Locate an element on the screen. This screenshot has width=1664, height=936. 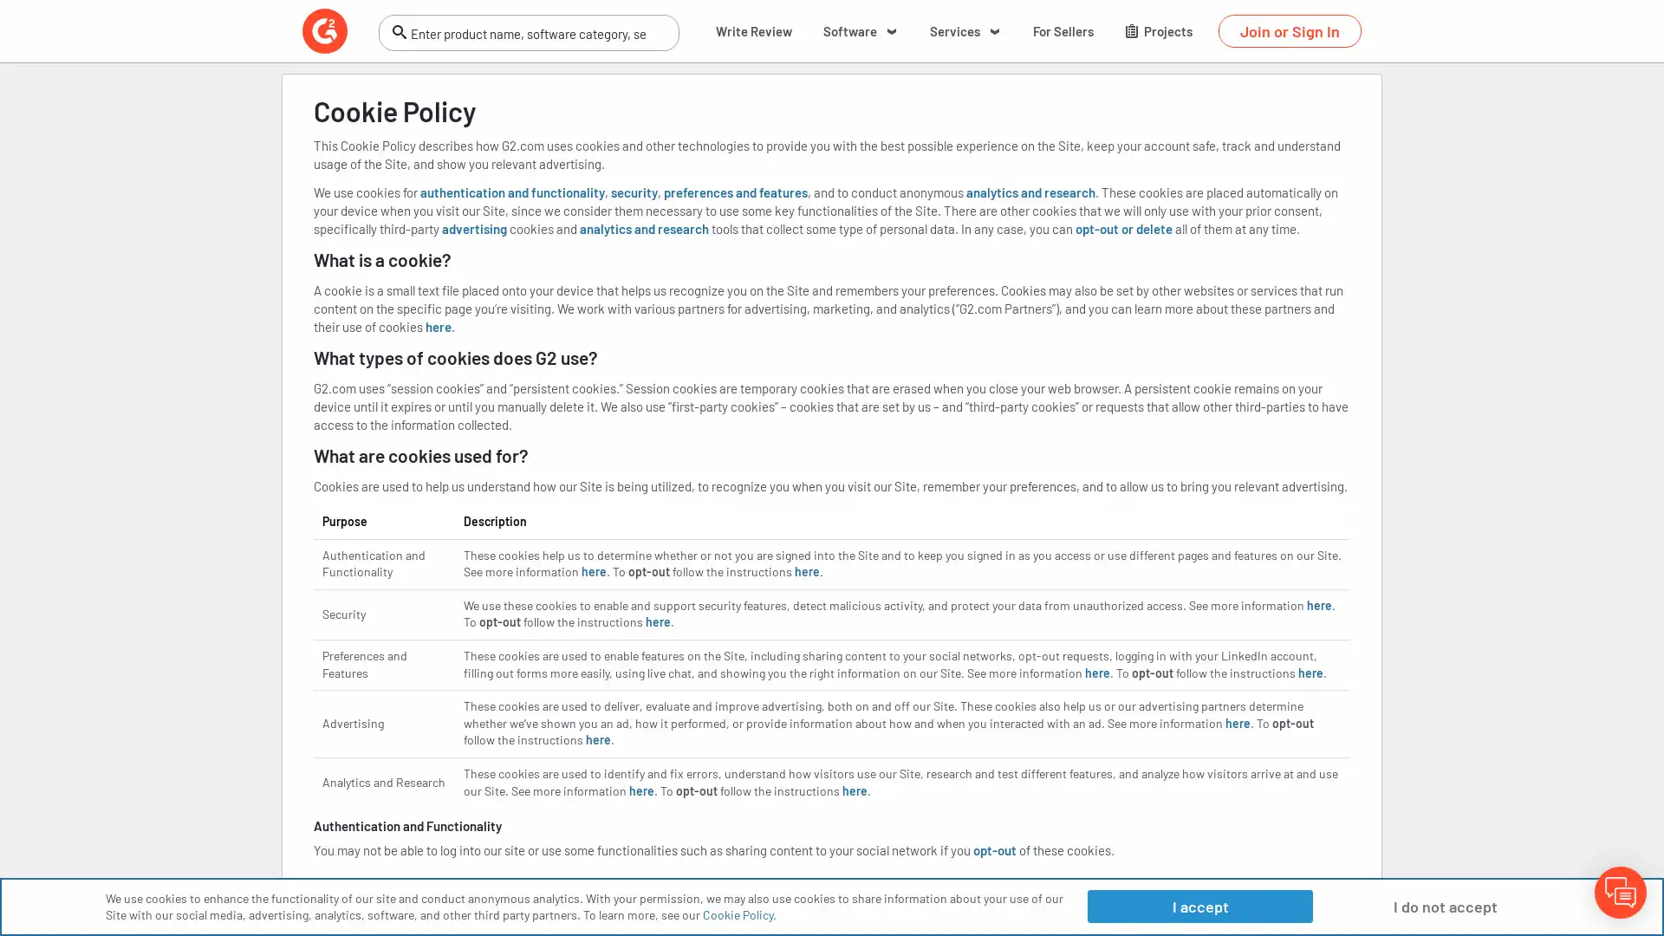
Open Intercom Messenger is located at coordinates (1620, 892).